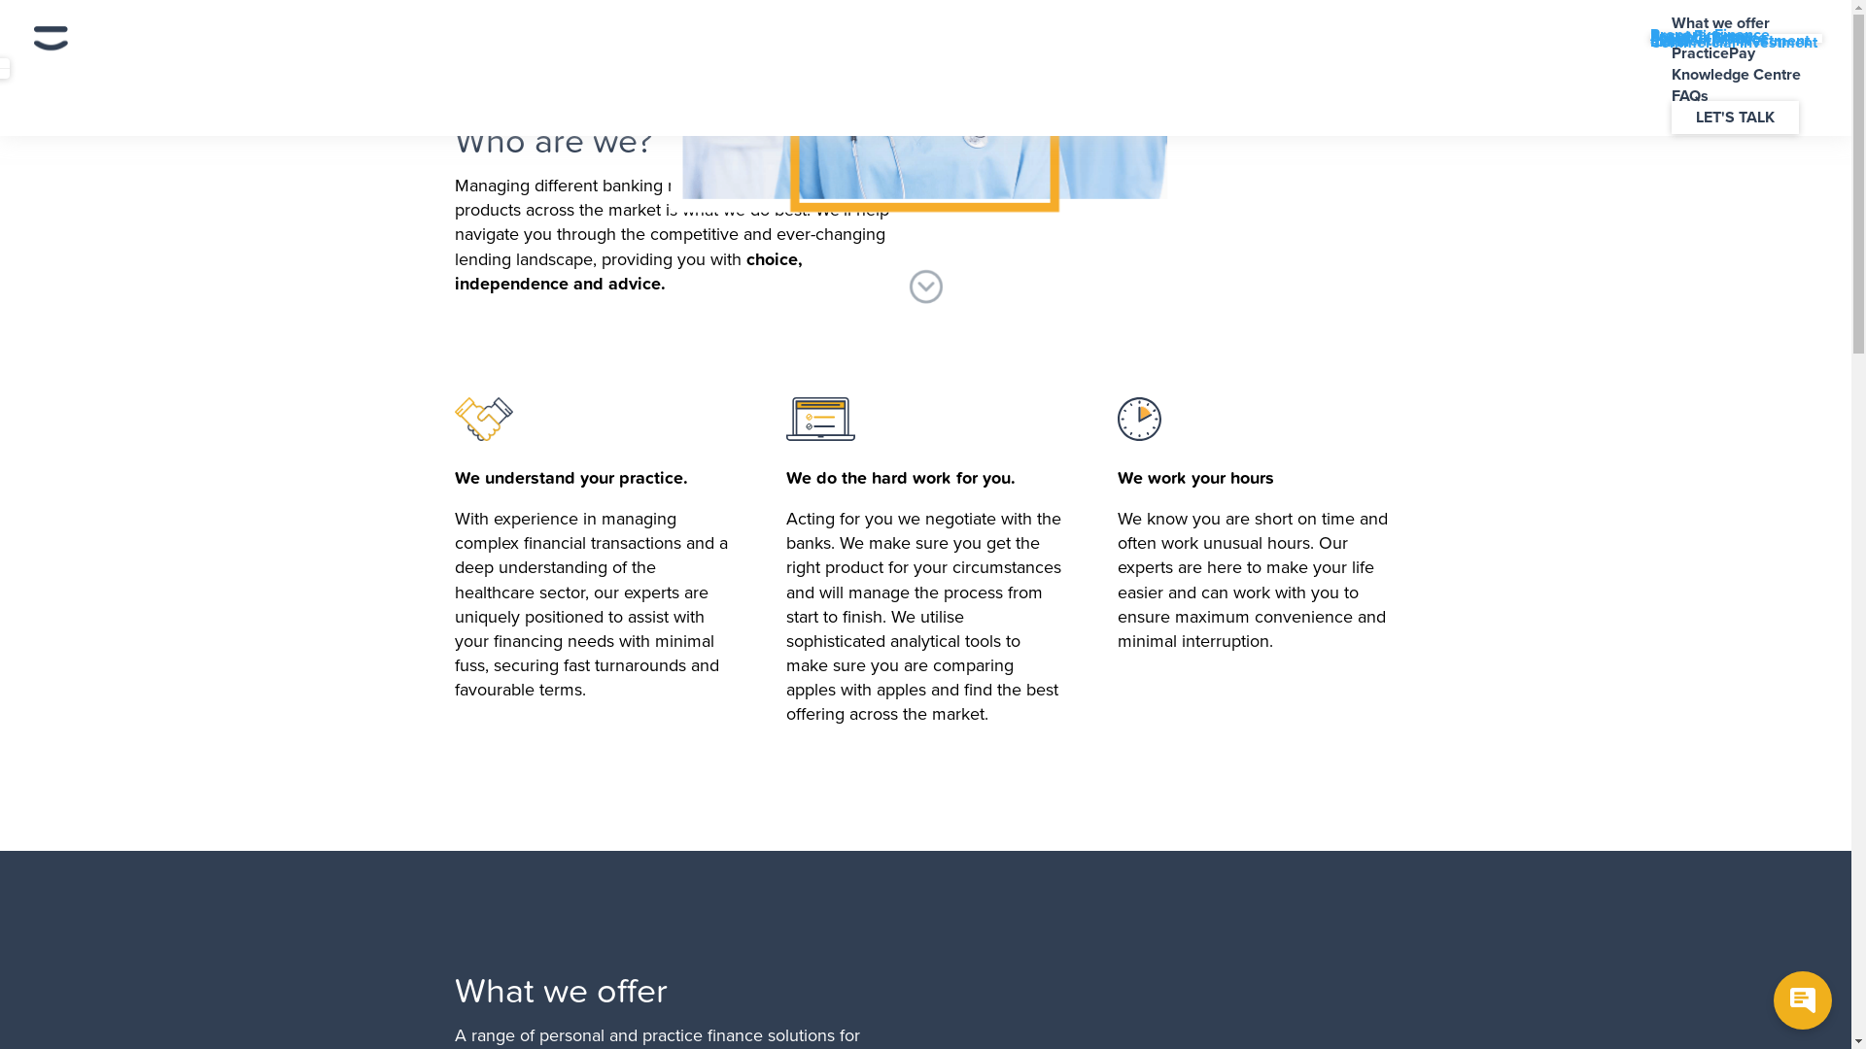  I want to click on 'Commercial investment', so click(1649, 42).